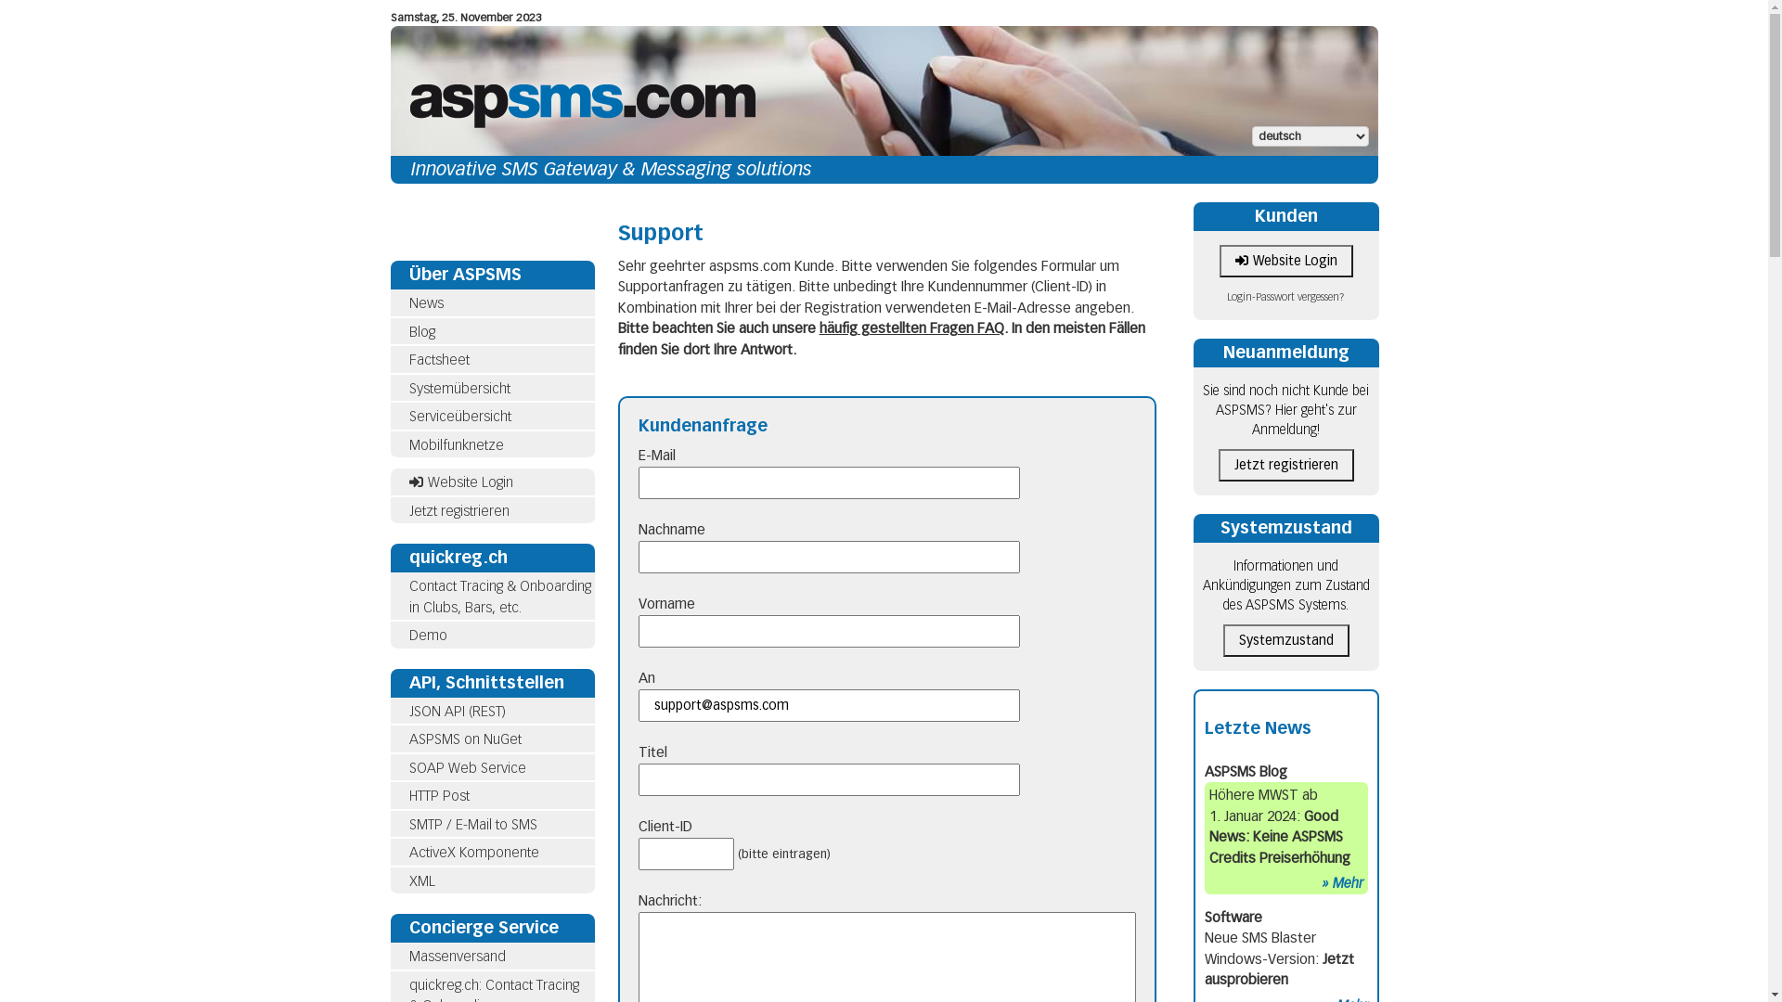 This screenshot has width=1782, height=1002. I want to click on 'API, Schnittstellen', so click(407, 682).